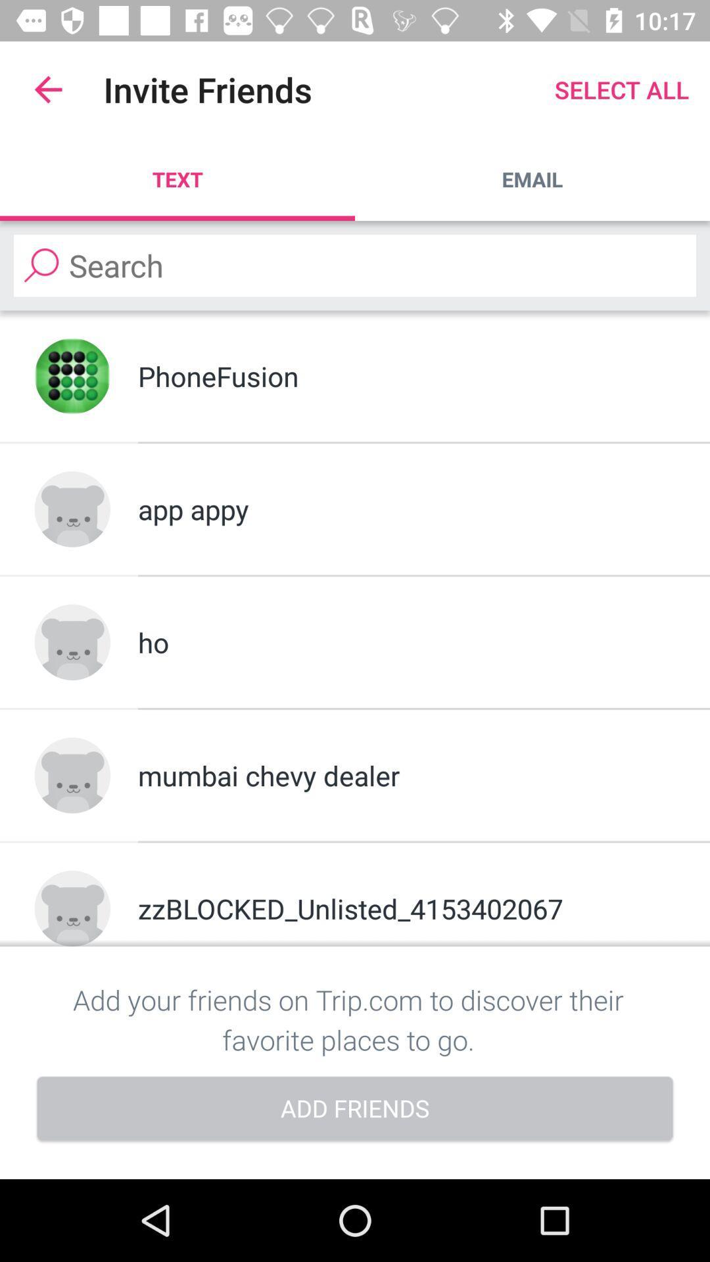 This screenshot has width=710, height=1262. What do you see at coordinates (406, 908) in the screenshot?
I see `the item below the mumbai chevy dealer icon` at bounding box center [406, 908].